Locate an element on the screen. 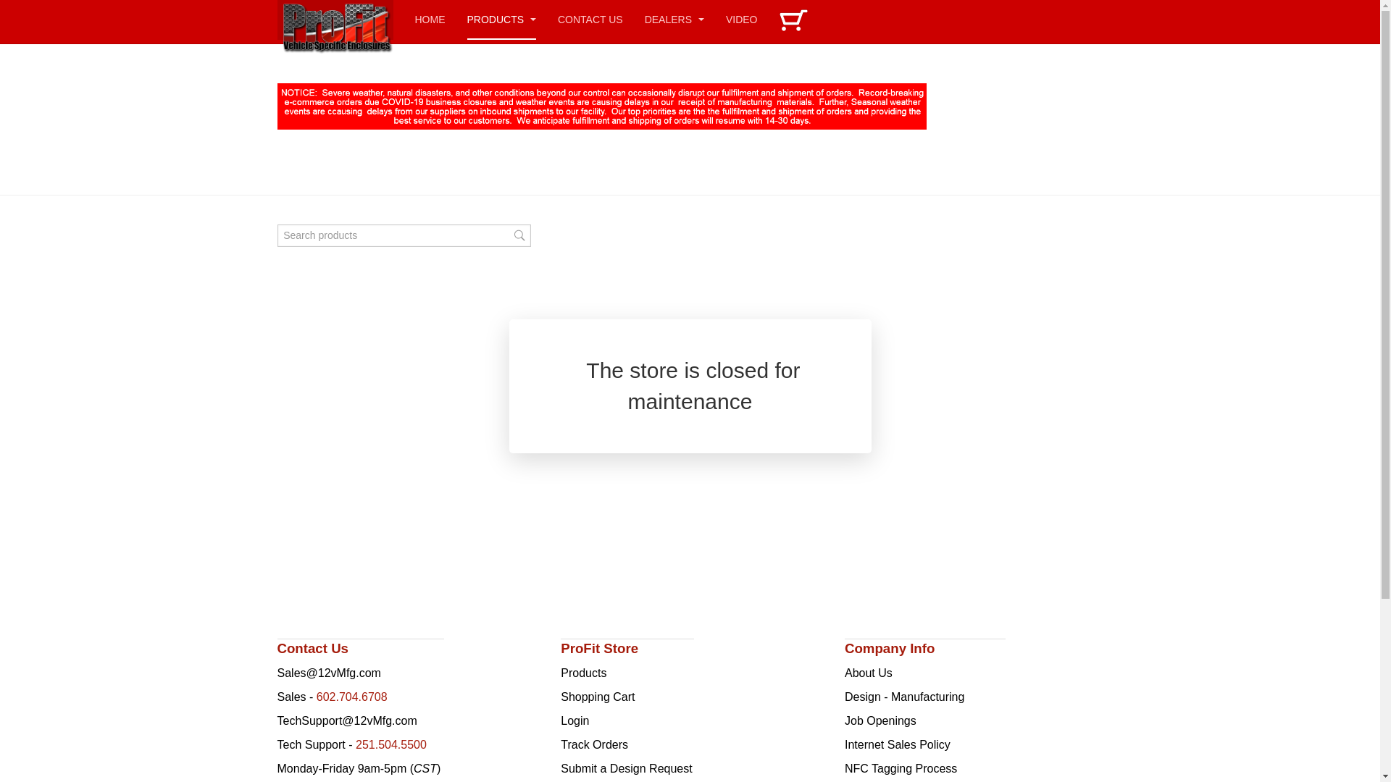 The width and height of the screenshot is (1391, 782). 'Login' is located at coordinates (574, 720).